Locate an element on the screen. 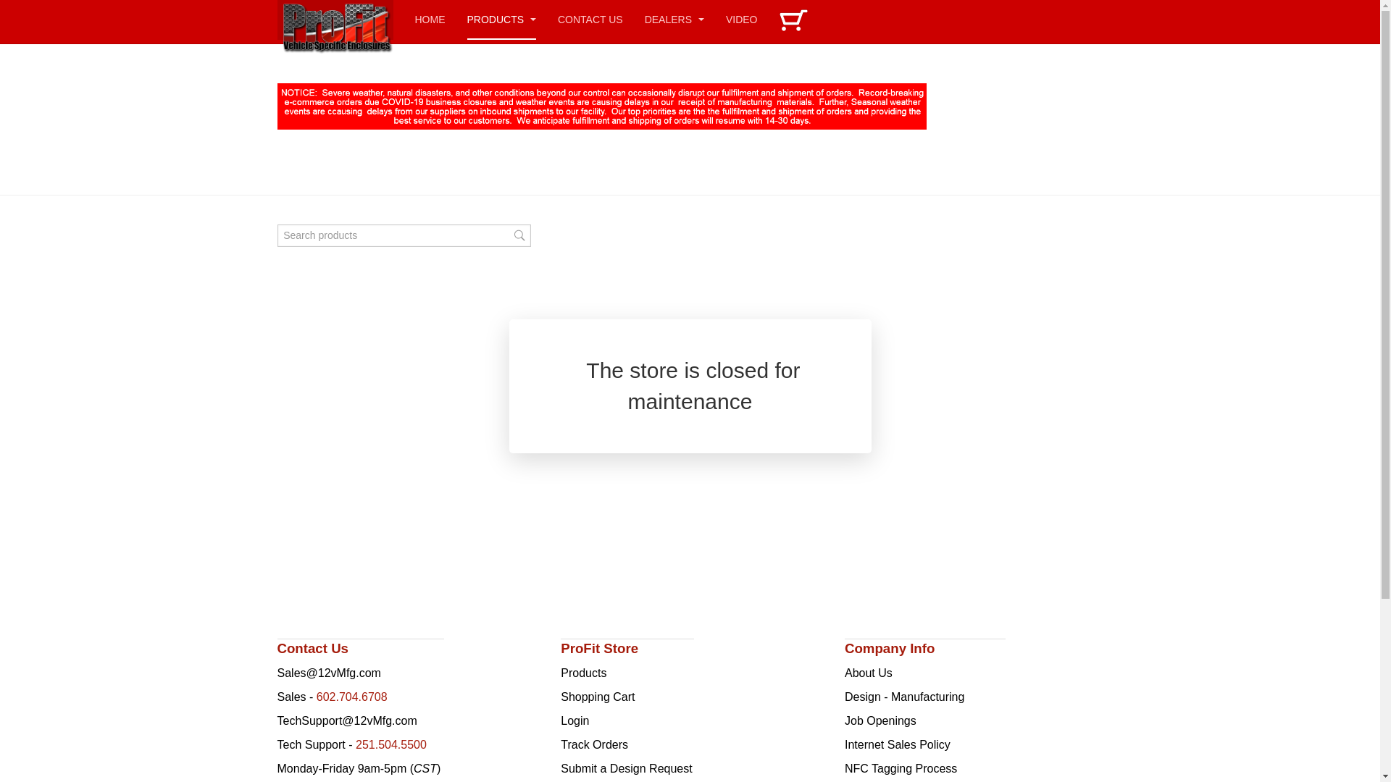 The width and height of the screenshot is (1391, 782). 'Login' is located at coordinates (574, 720).